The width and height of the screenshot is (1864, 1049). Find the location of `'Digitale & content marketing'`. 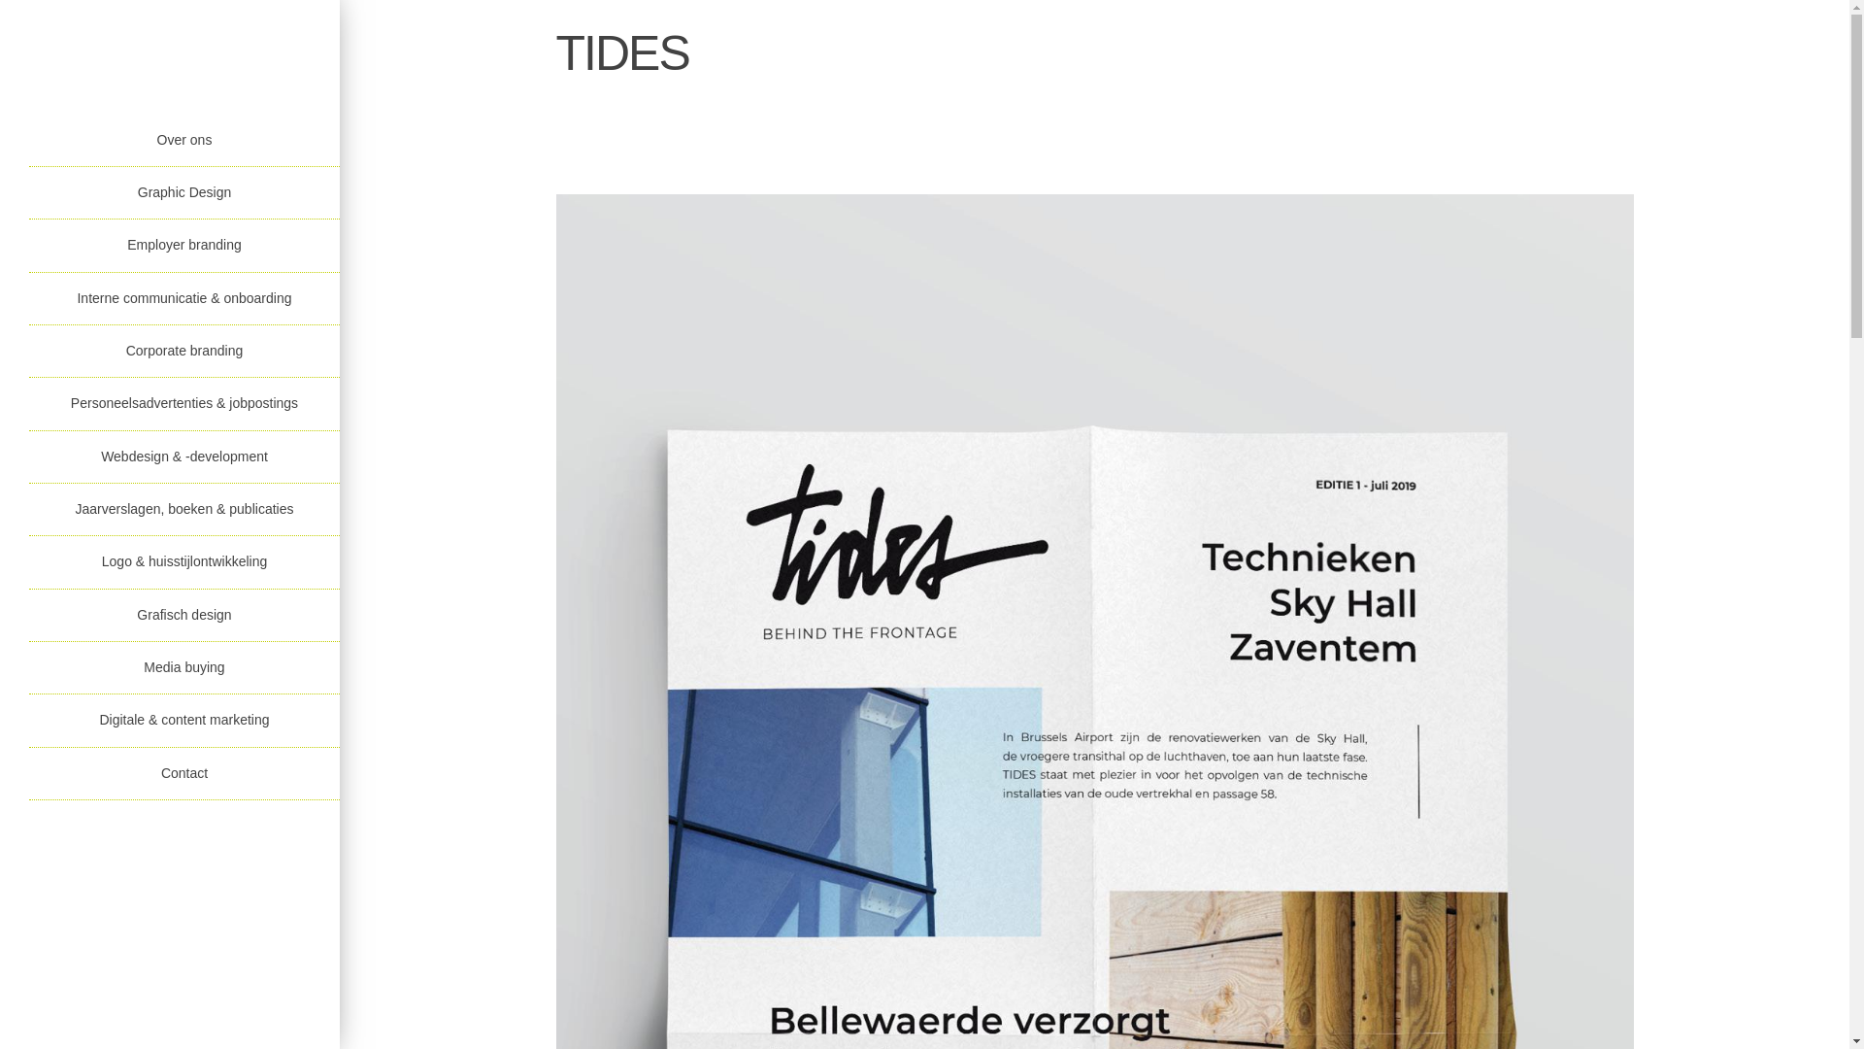

'Digitale & content marketing' is located at coordinates (184, 720).